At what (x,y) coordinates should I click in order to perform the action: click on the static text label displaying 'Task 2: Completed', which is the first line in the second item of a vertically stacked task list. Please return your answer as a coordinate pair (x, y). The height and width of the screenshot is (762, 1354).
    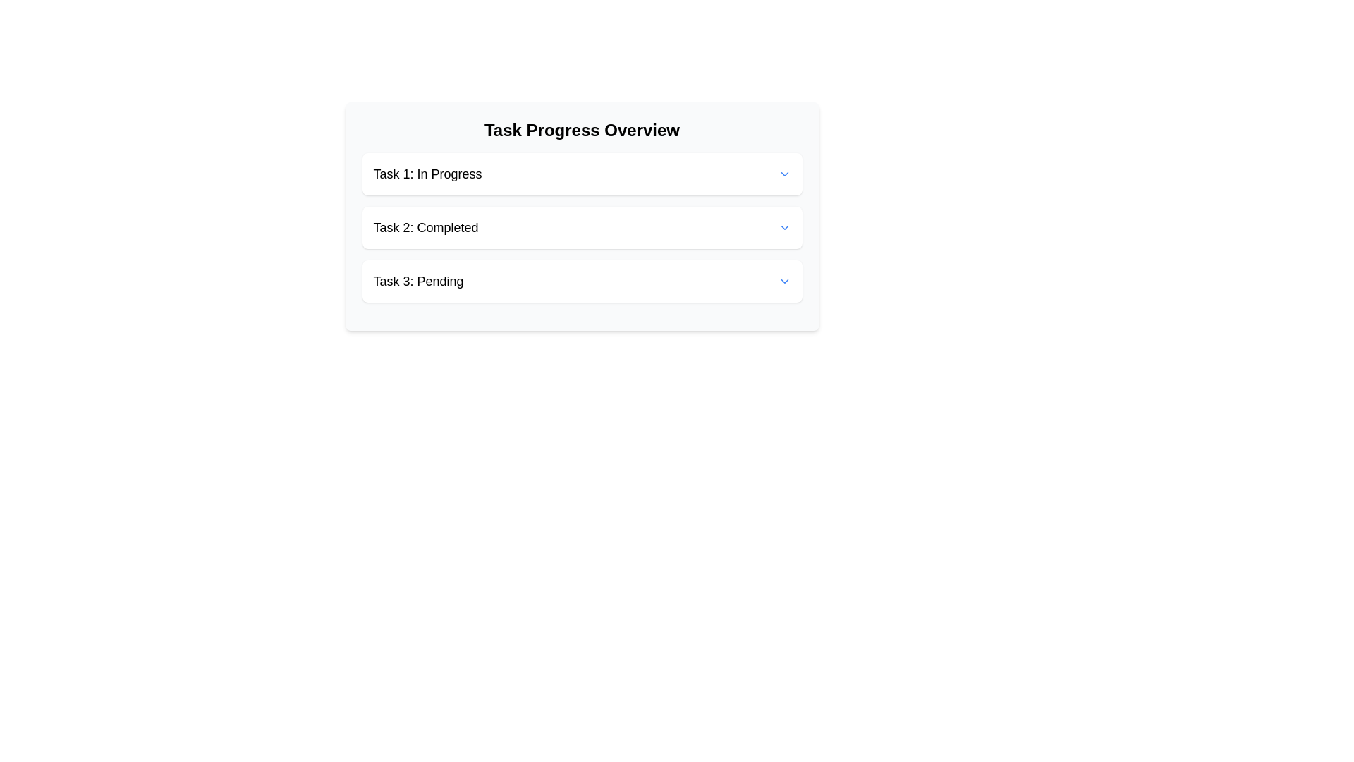
    Looking at the image, I should click on (425, 227).